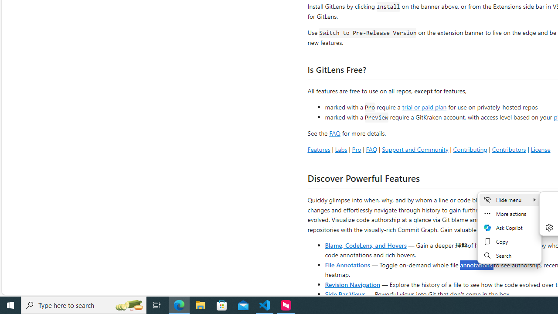 This screenshot has height=314, width=558. What do you see at coordinates (510, 232) in the screenshot?
I see `'Mini menu on text selection'` at bounding box center [510, 232].